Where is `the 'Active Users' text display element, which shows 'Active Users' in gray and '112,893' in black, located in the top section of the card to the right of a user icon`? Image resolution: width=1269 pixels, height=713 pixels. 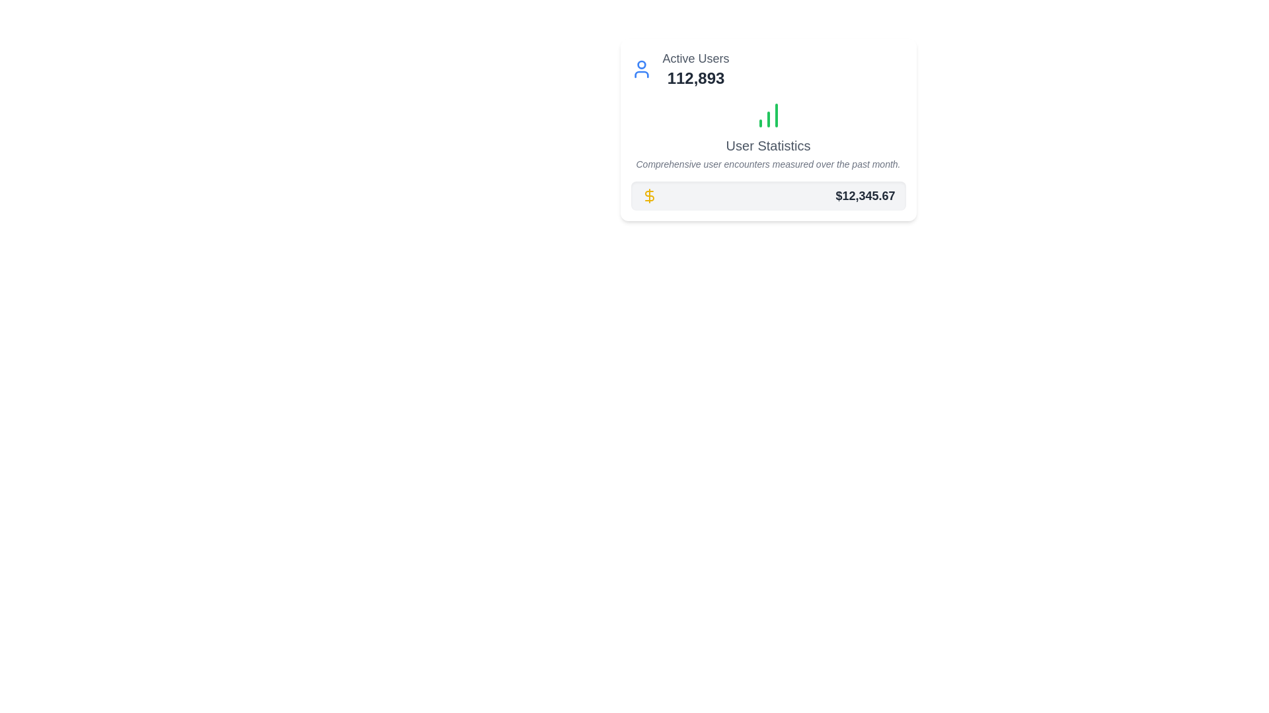
the 'Active Users' text display element, which shows 'Active Users' in gray and '112,893' in black, located in the top section of the card to the right of a user icon is located at coordinates (695, 69).